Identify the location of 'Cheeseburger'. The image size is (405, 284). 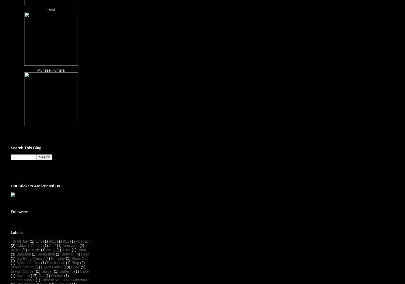
(10, 279).